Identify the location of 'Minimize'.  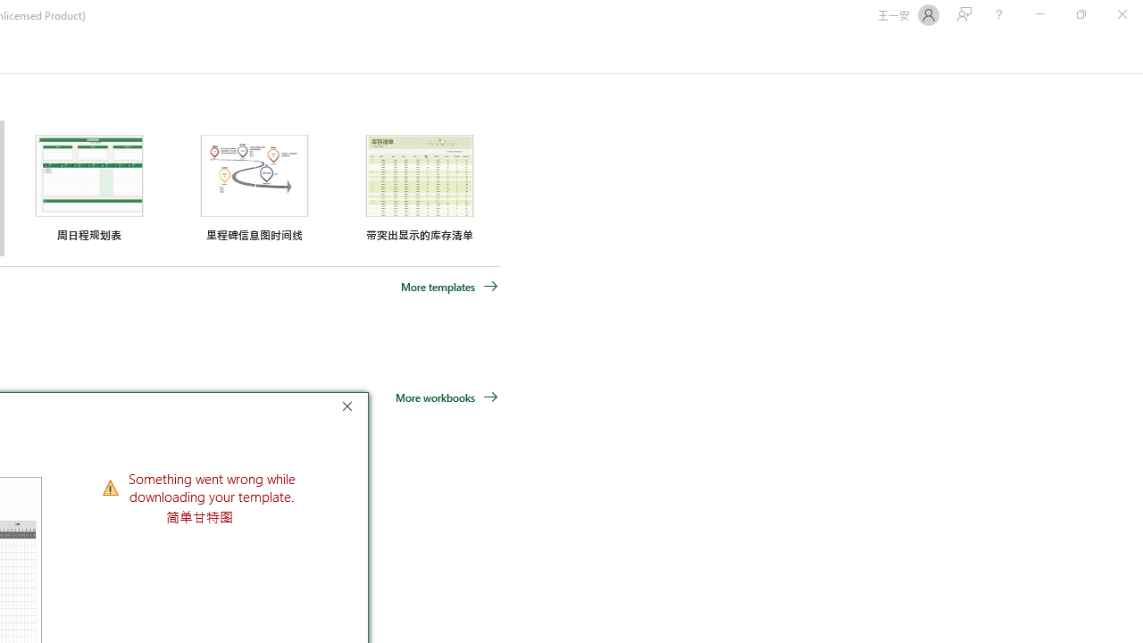
(1039, 14).